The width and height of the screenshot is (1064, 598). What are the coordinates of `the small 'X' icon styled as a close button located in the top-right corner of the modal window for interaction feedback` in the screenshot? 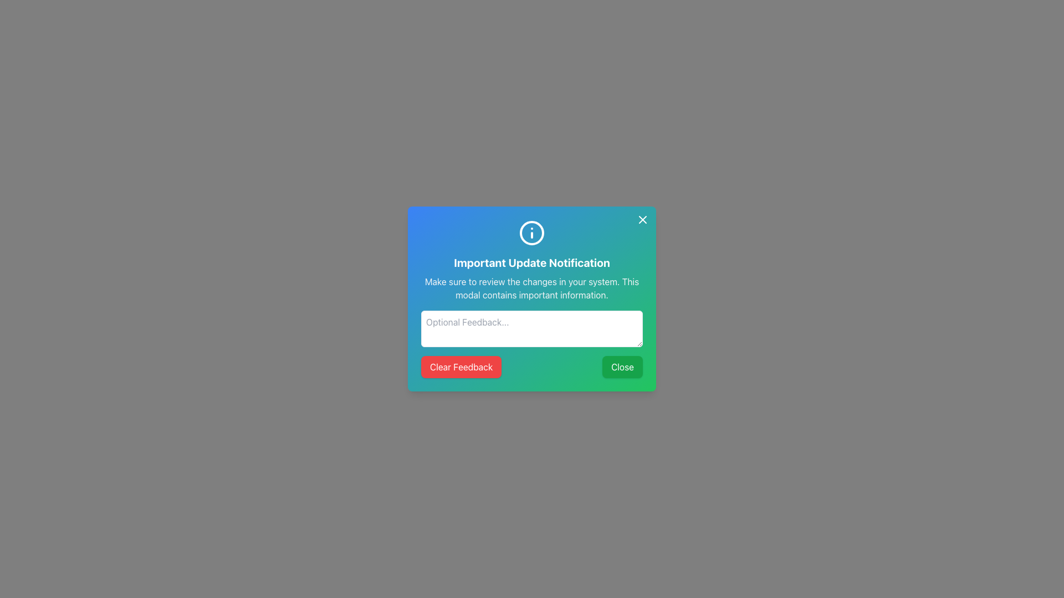 It's located at (643, 220).